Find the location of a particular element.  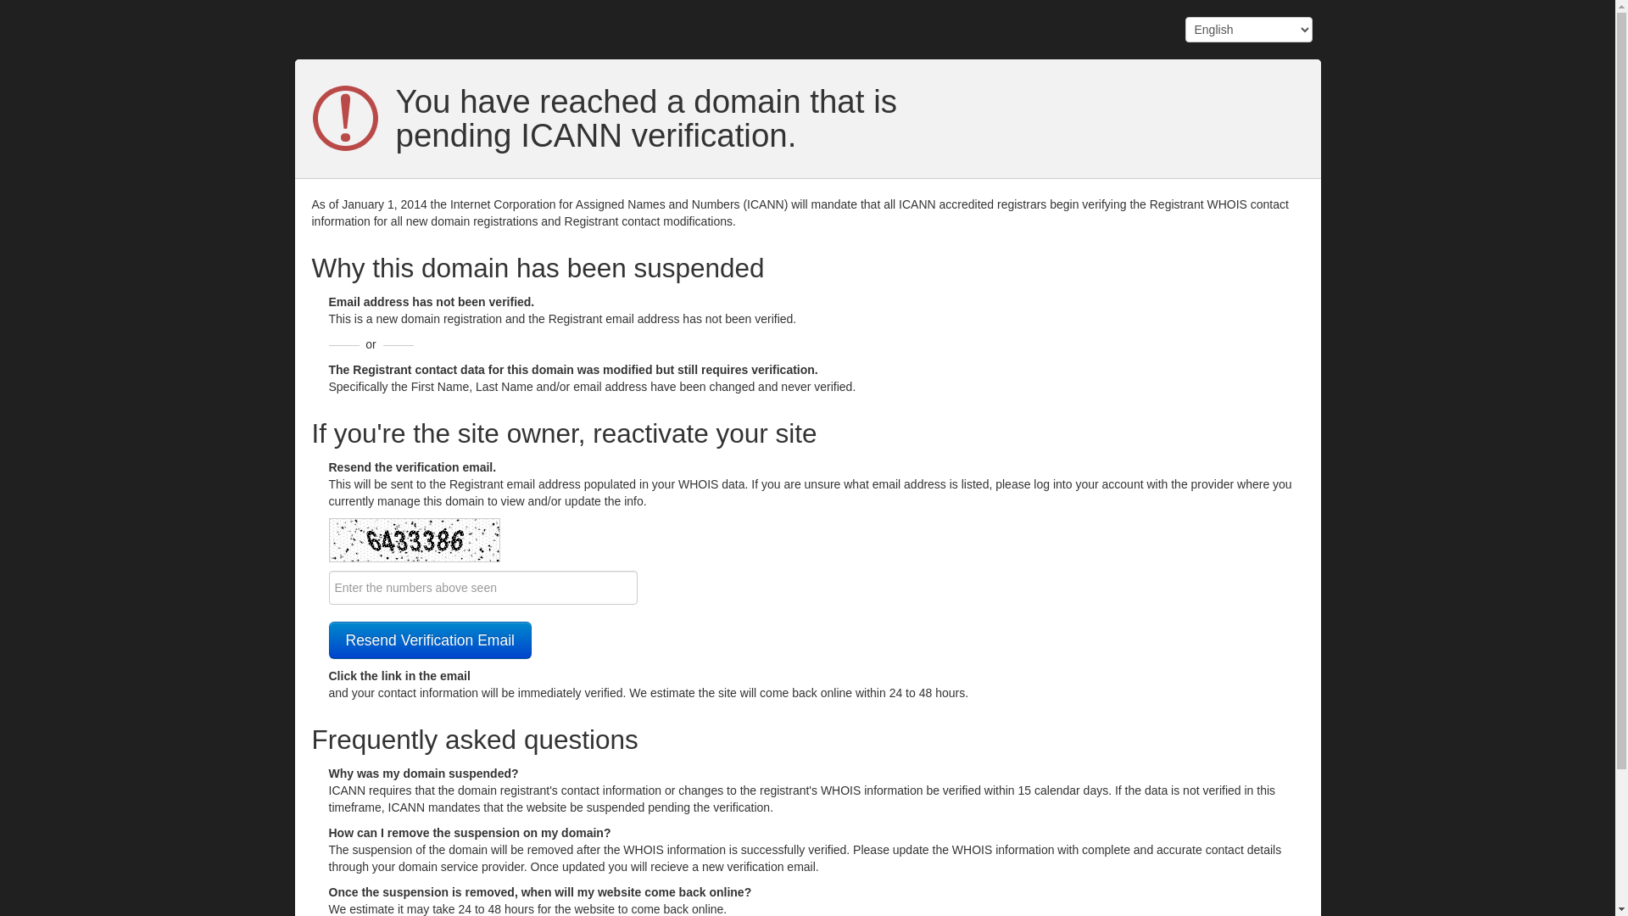

'Resend Verification Email' is located at coordinates (430, 640).